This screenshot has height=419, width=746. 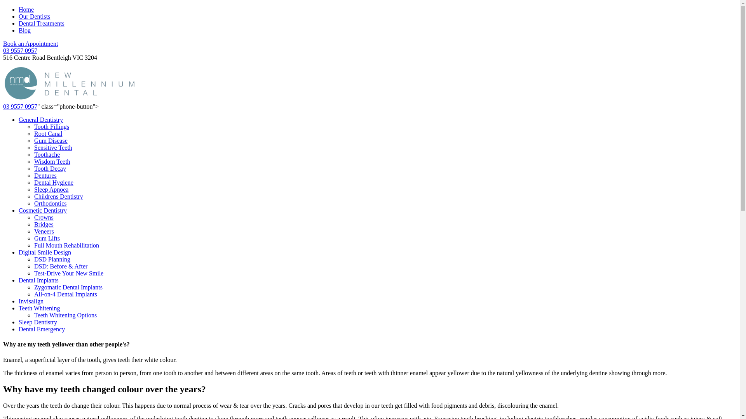 What do you see at coordinates (50, 140) in the screenshot?
I see `'Gum Disease'` at bounding box center [50, 140].